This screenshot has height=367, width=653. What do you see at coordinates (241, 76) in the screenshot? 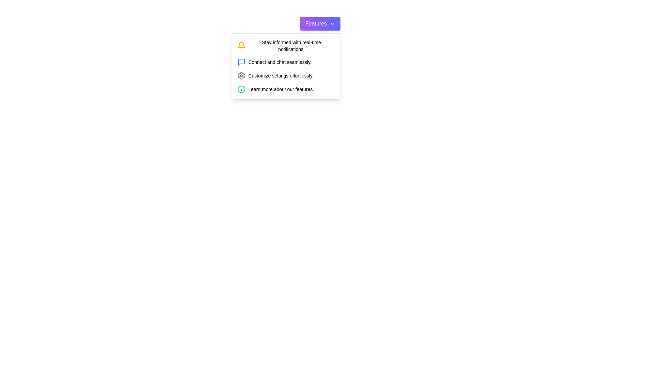
I see `the gear-shaped icon that is light gray with a thin outline, located to the left of the text 'Customize settings effortlessly' in the dropdown menu labeled 'Features'` at bounding box center [241, 76].